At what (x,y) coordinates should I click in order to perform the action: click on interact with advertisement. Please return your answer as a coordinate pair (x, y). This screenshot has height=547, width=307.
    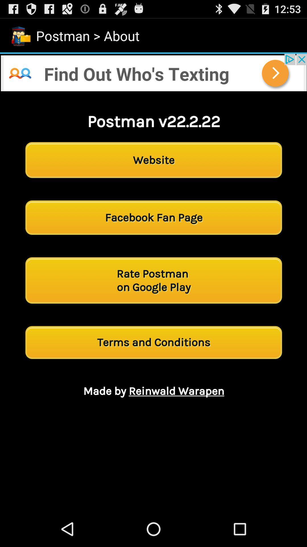
    Looking at the image, I should click on (153, 72).